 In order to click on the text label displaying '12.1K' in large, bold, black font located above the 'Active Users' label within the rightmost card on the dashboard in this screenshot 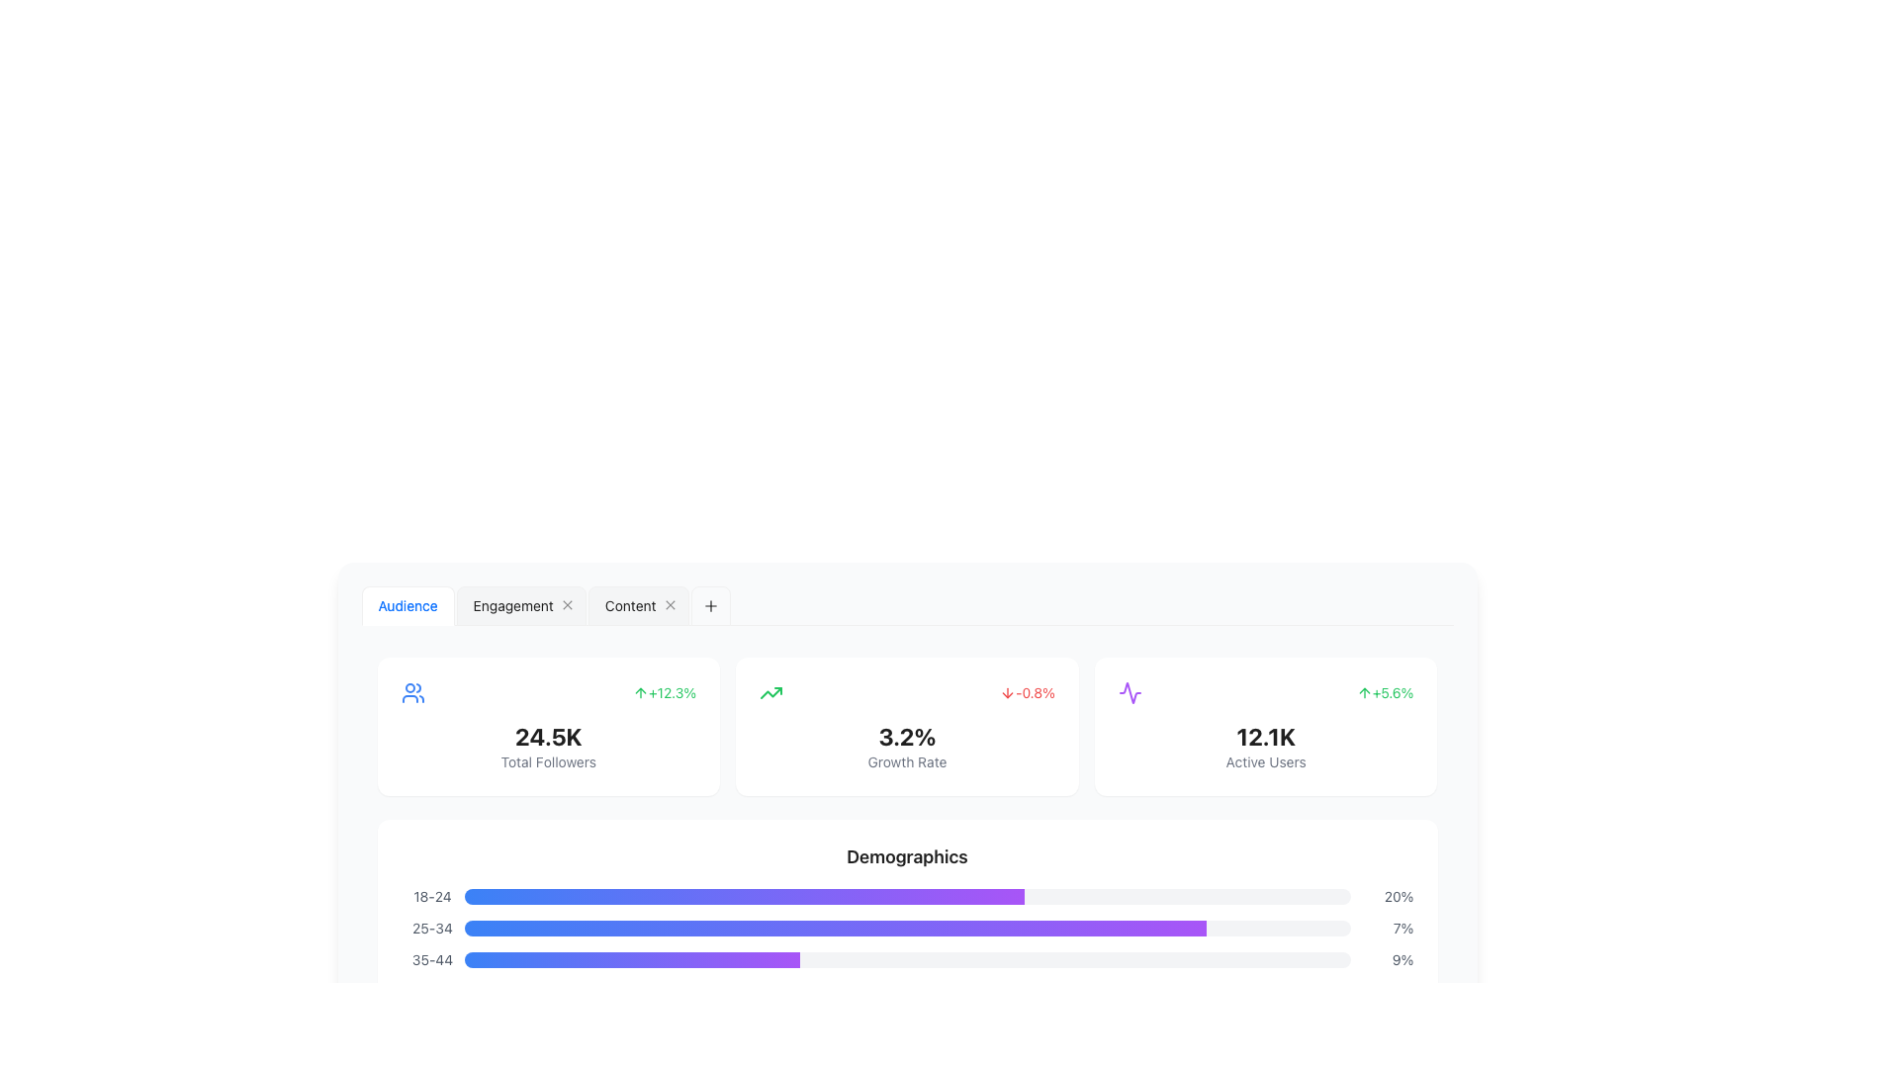, I will do `click(1266, 736)`.